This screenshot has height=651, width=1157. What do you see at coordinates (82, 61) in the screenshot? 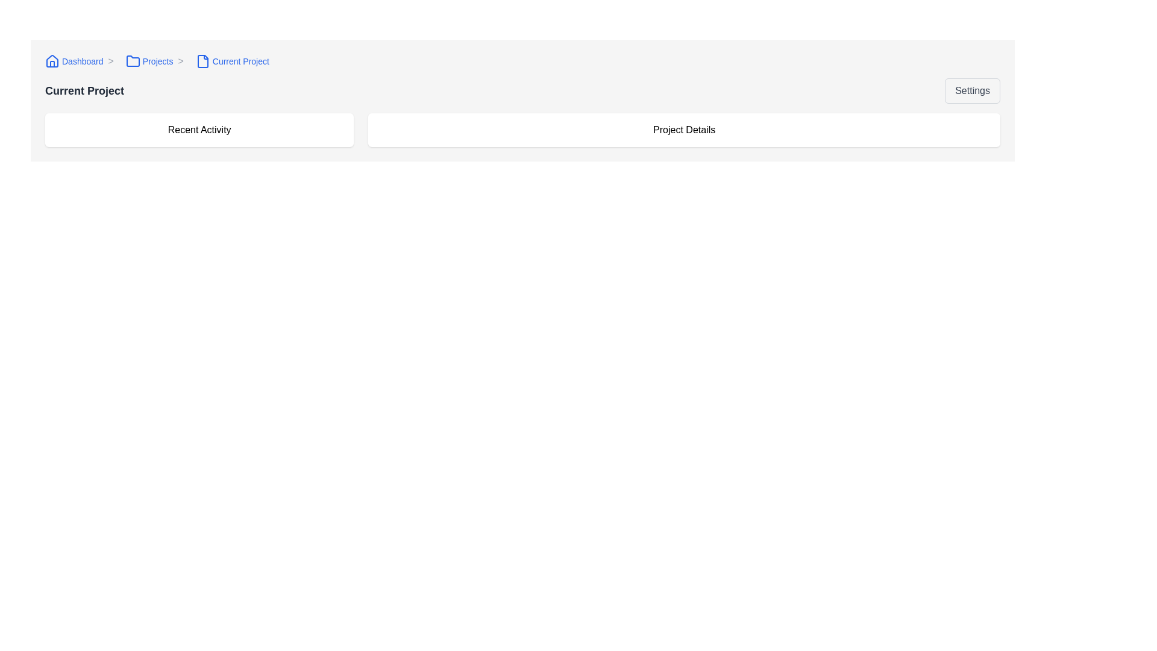
I see `text label displaying 'Dashboard' in the breadcrumb navigation bar, which is styled in blue and positioned between the home icon and the chevron icon` at bounding box center [82, 61].